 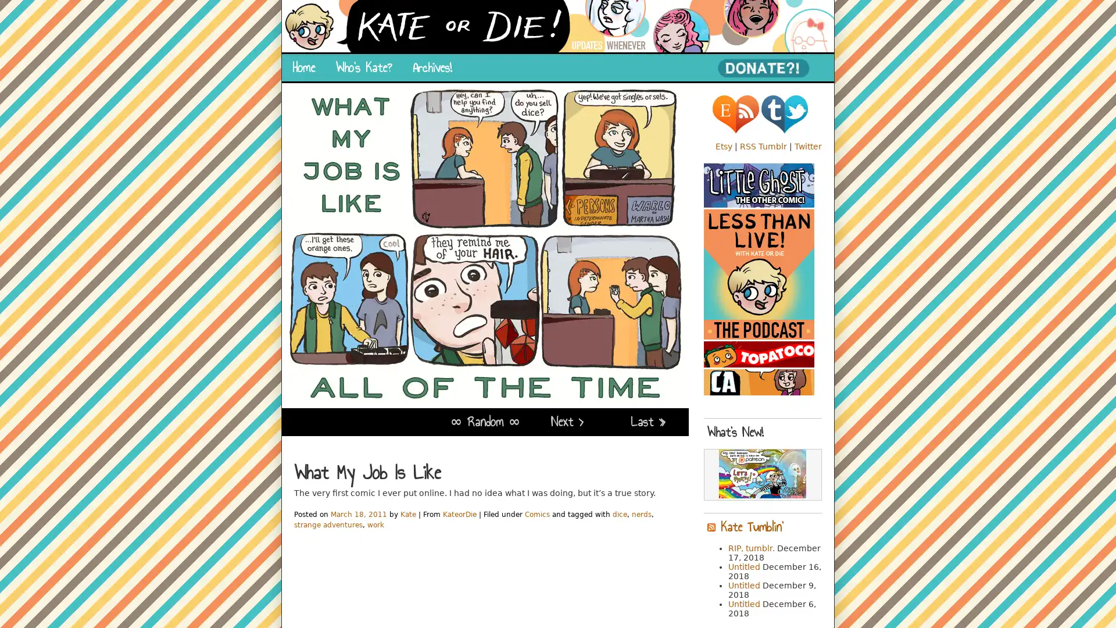 I want to click on PayPal - The safer, easier way to pay online!, so click(x=763, y=68).